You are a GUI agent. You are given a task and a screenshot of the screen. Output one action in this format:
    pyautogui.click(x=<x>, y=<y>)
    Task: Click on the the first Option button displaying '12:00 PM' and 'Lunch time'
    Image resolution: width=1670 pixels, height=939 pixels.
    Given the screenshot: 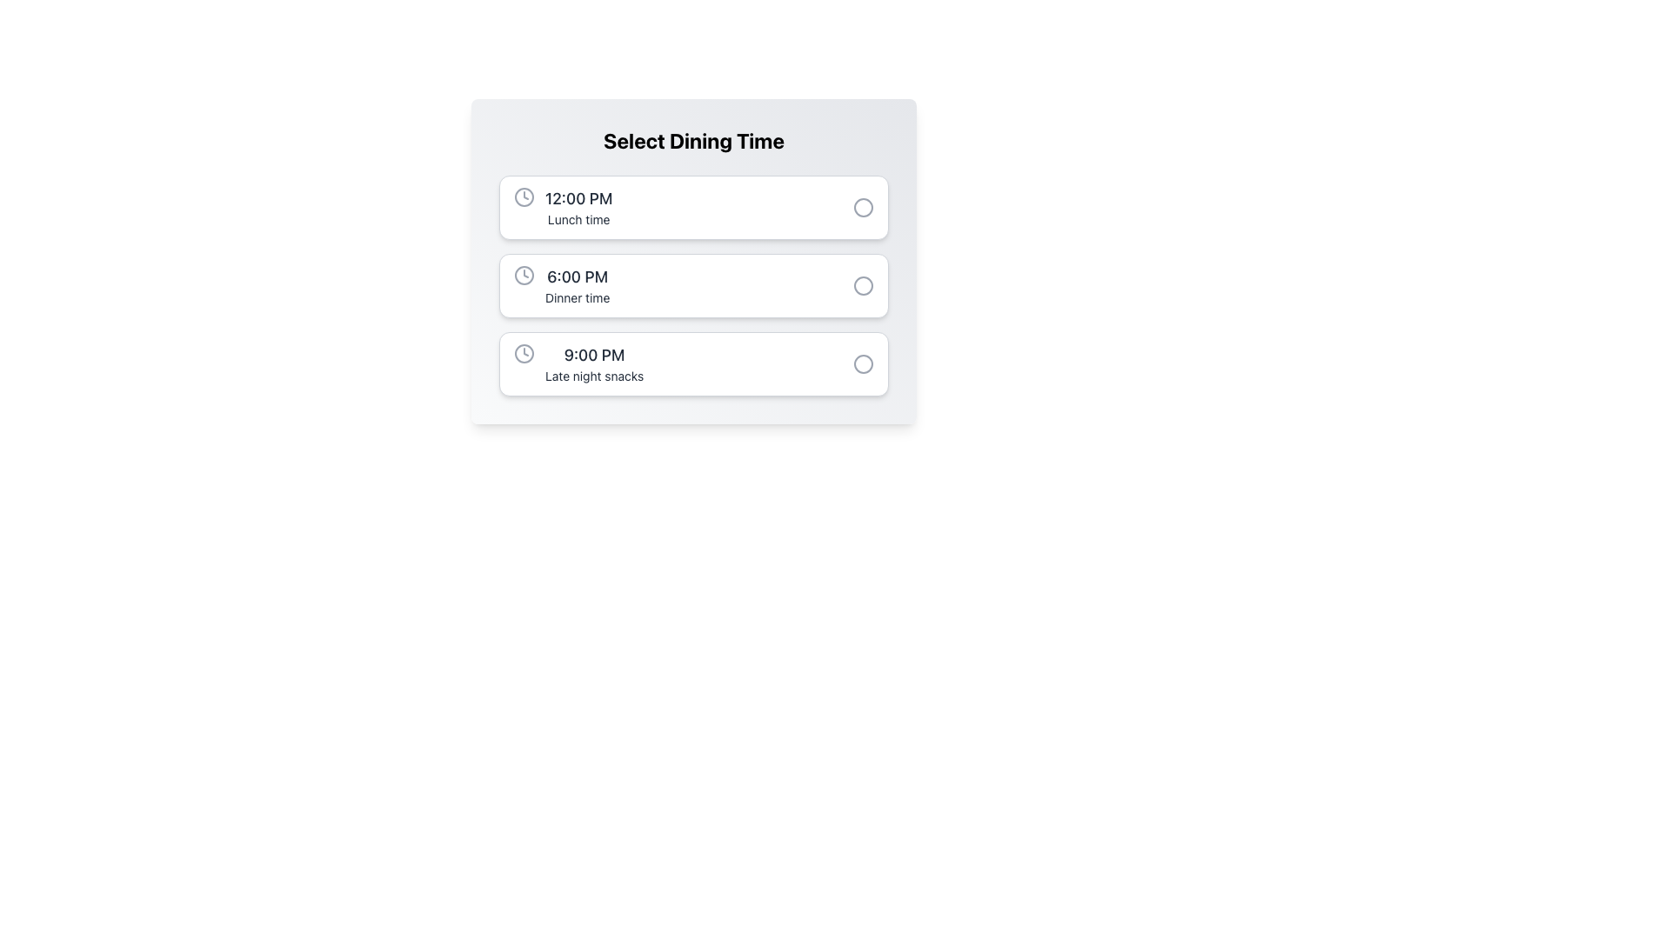 What is the action you would take?
    pyautogui.click(x=692, y=207)
    